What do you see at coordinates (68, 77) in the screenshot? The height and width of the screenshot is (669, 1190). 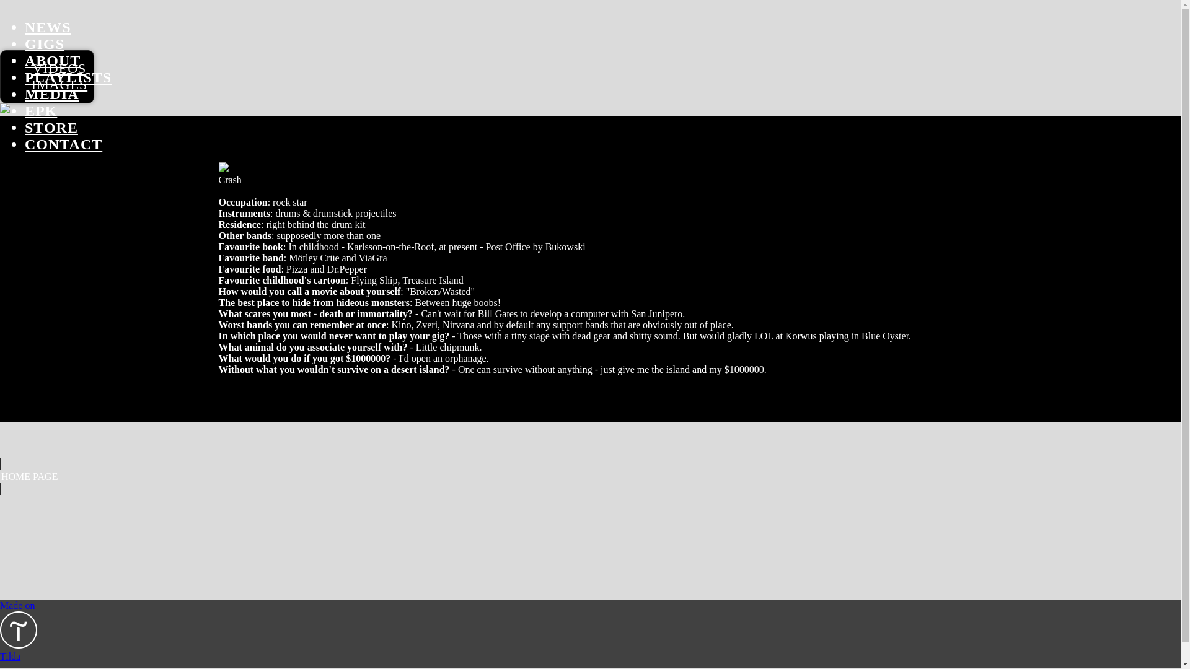 I see `'PLAYLISTS'` at bounding box center [68, 77].